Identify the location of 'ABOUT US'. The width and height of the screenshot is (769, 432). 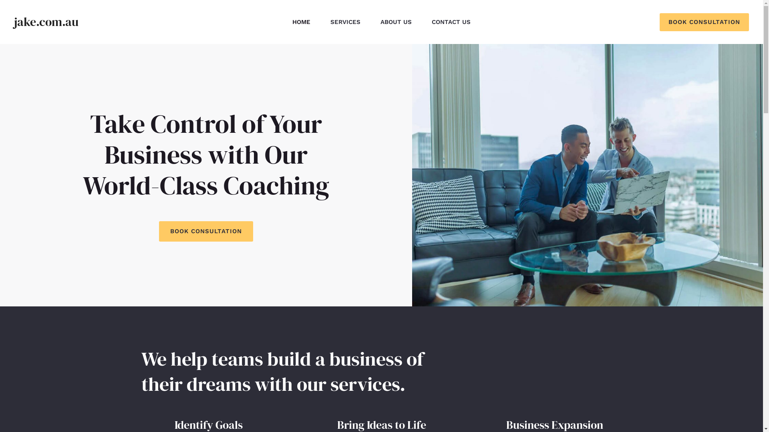
(396, 21).